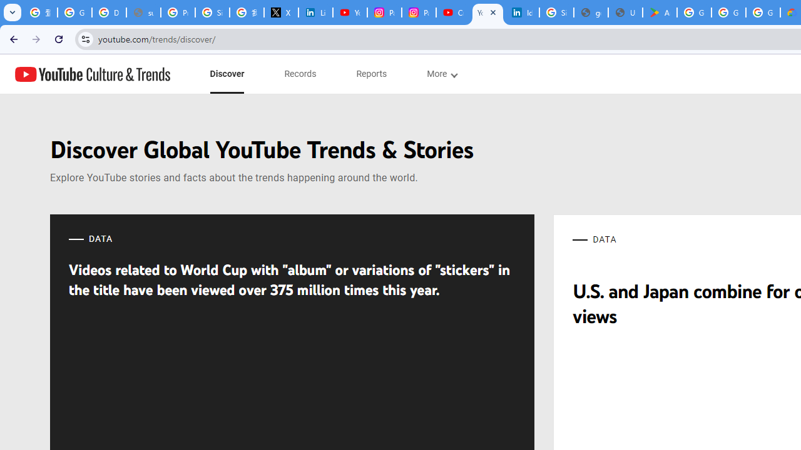 The width and height of the screenshot is (801, 450). I want to click on 'subnav-Records menupopup', so click(300, 74).